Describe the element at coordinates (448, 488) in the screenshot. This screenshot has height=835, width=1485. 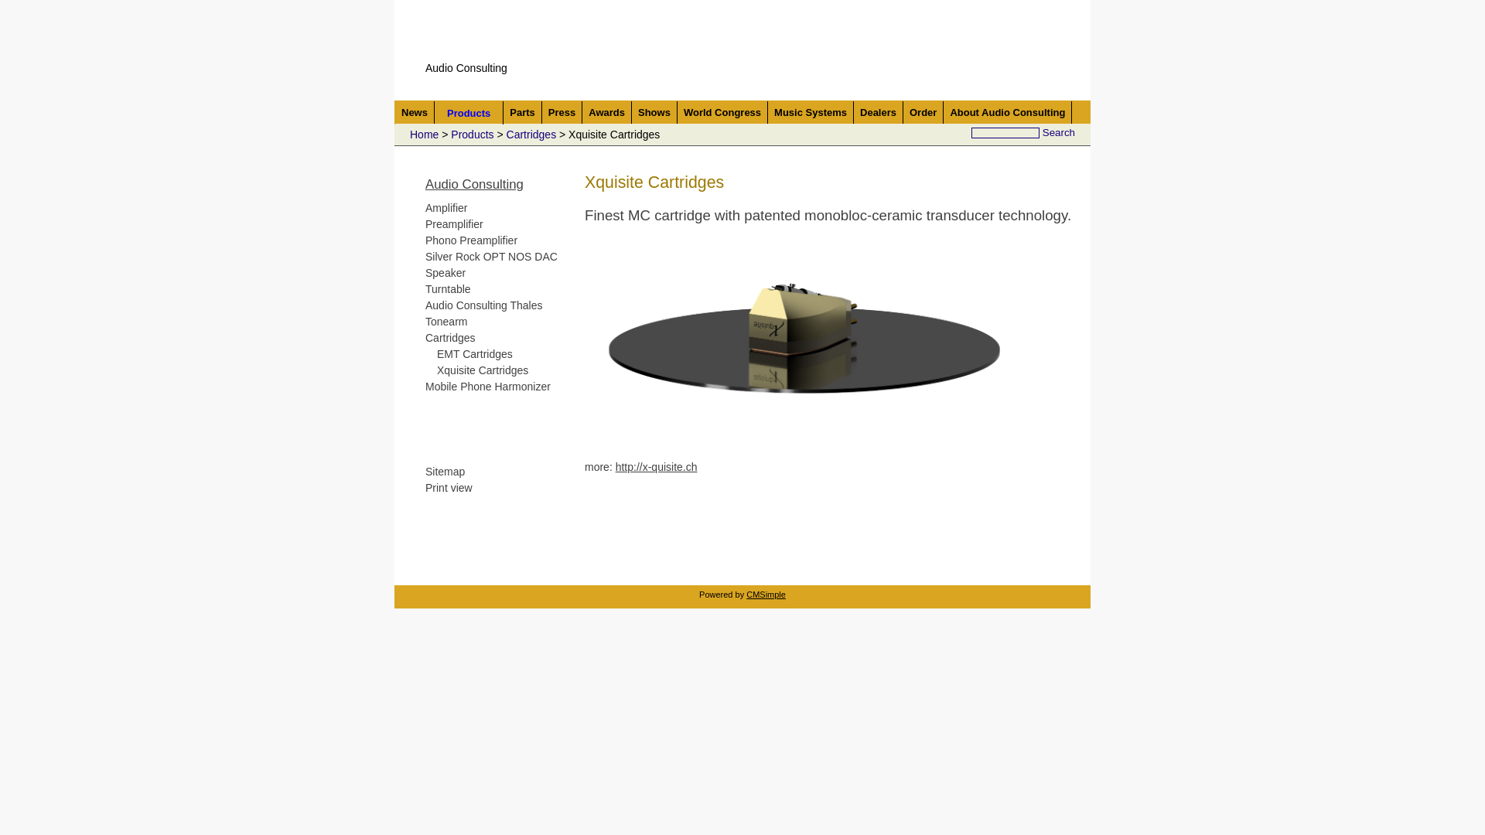
I see `'Print view'` at that location.